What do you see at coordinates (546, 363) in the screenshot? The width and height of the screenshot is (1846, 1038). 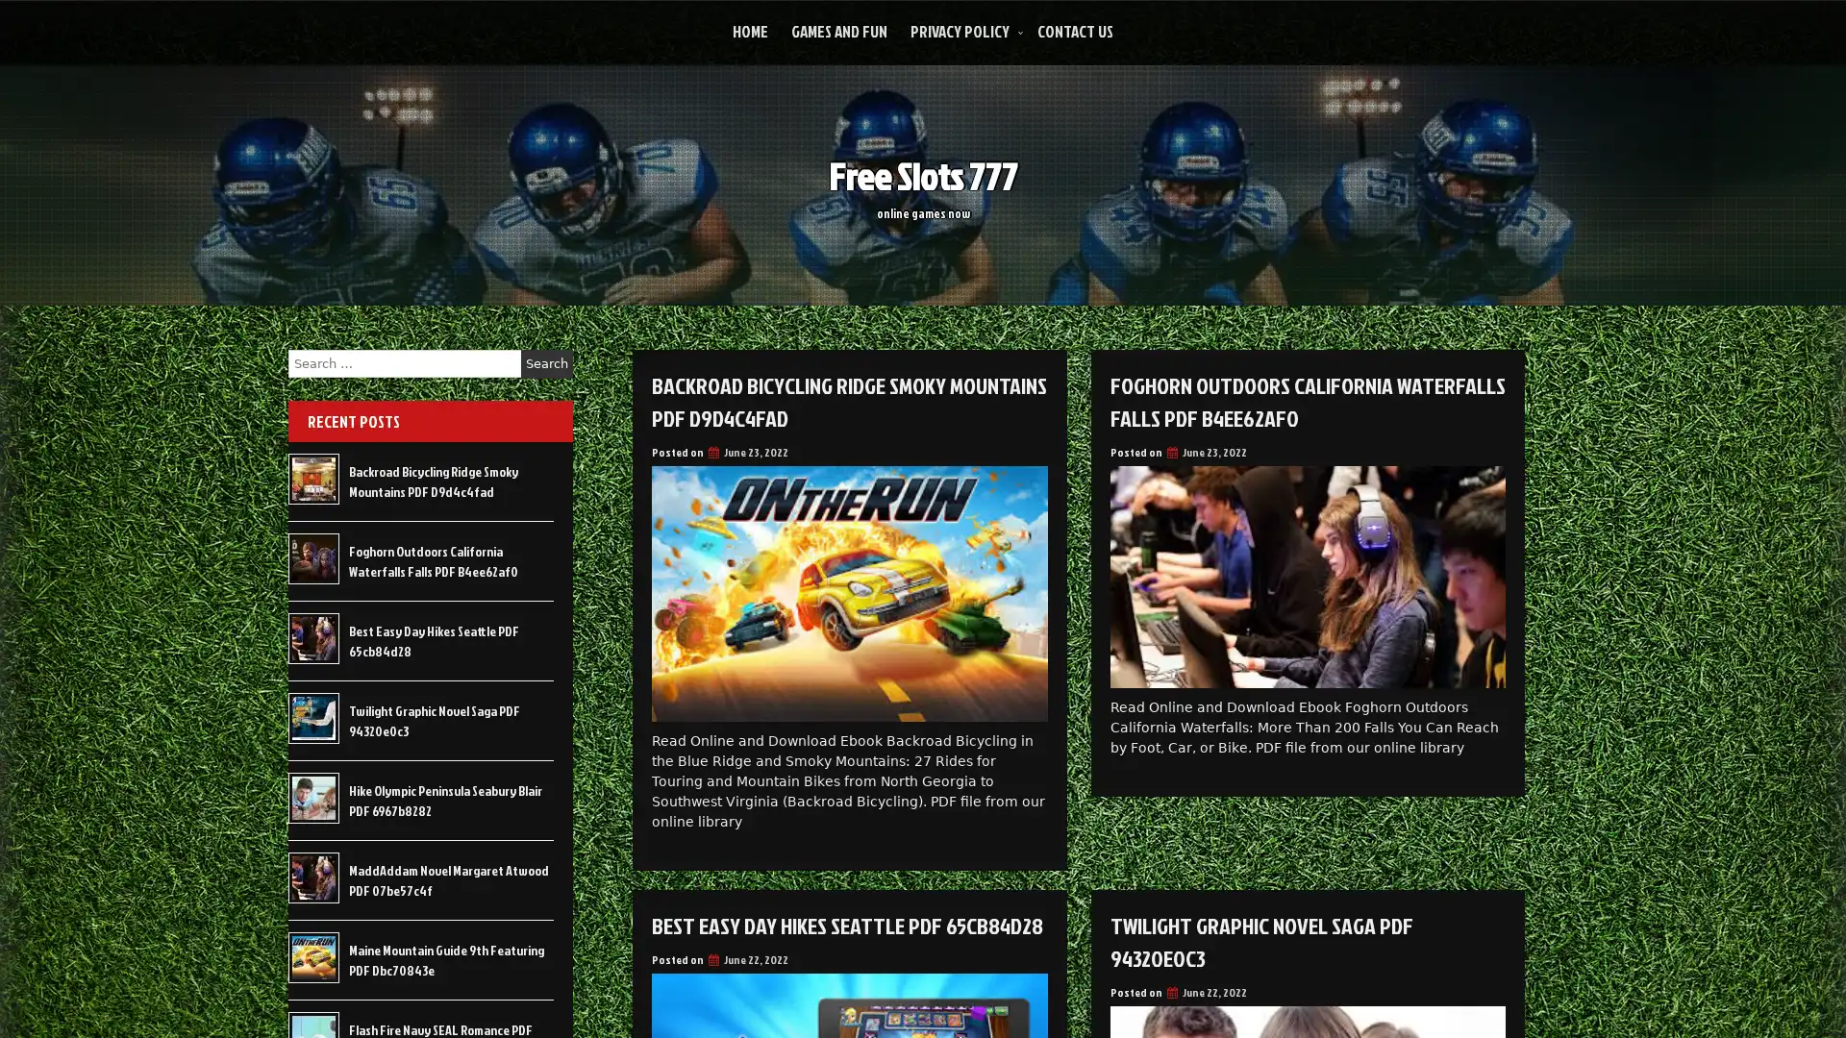 I see `Search` at bounding box center [546, 363].